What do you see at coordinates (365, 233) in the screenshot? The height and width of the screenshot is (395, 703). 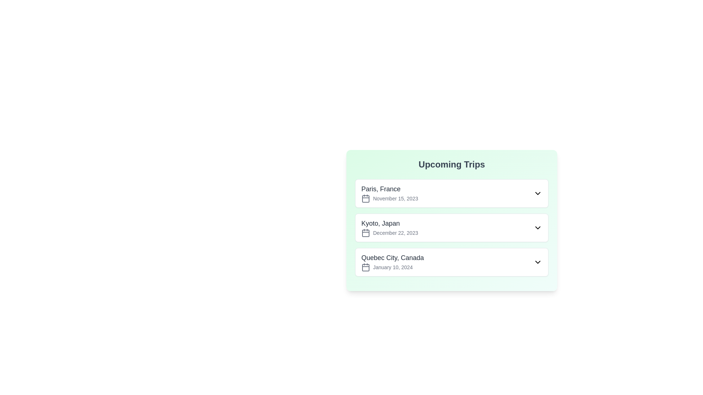 I see `the decorative rectangular component within the calendar icon located in the second item under 'Upcoming Trips', adjacent to 'Kyoto, Japan', and to the left of the date 'December 22, 2023'` at bounding box center [365, 233].